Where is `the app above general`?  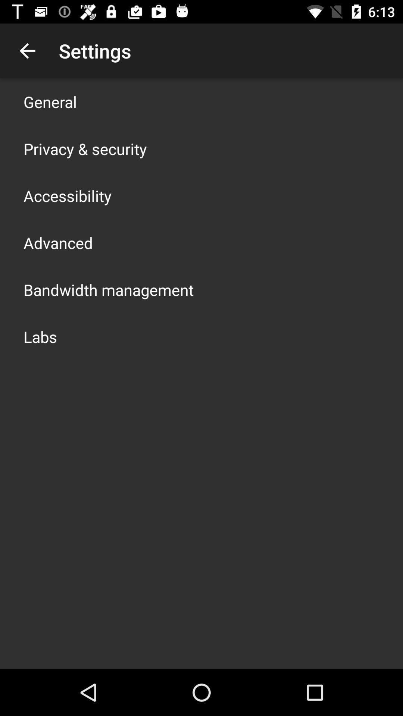
the app above general is located at coordinates (27, 50).